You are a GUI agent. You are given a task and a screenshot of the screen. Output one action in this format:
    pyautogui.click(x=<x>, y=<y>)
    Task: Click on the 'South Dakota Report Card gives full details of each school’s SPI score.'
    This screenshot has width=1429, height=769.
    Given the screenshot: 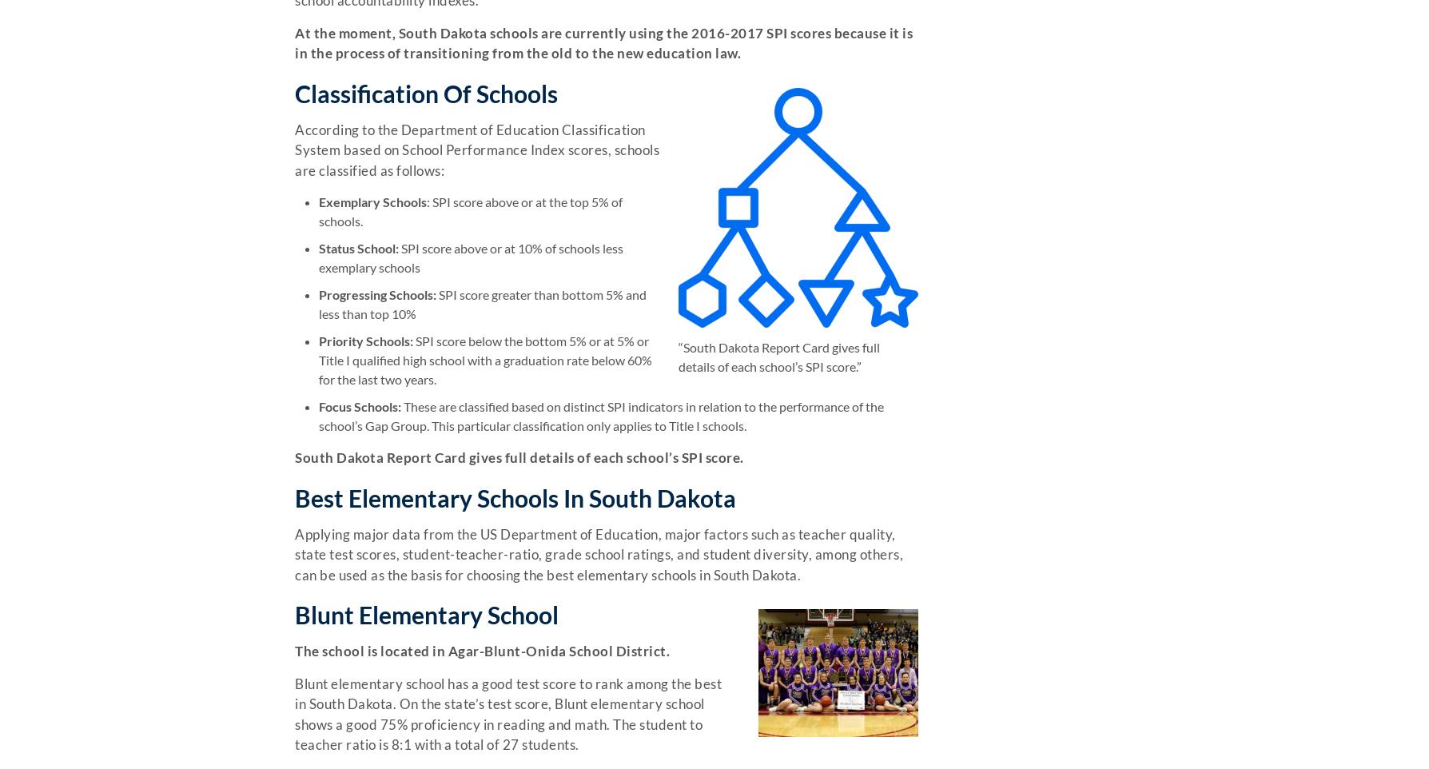 What is the action you would take?
    pyautogui.click(x=519, y=457)
    